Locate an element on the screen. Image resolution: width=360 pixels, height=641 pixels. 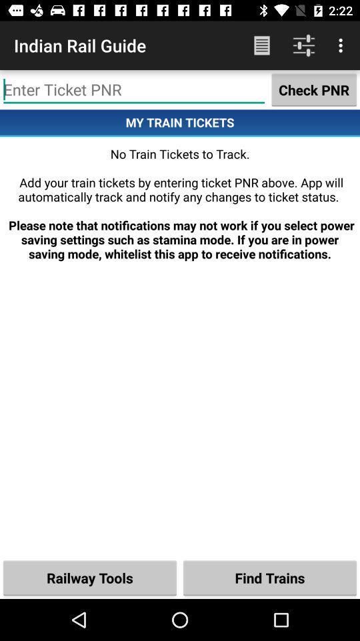
item above my train tickets icon is located at coordinates (134, 89).